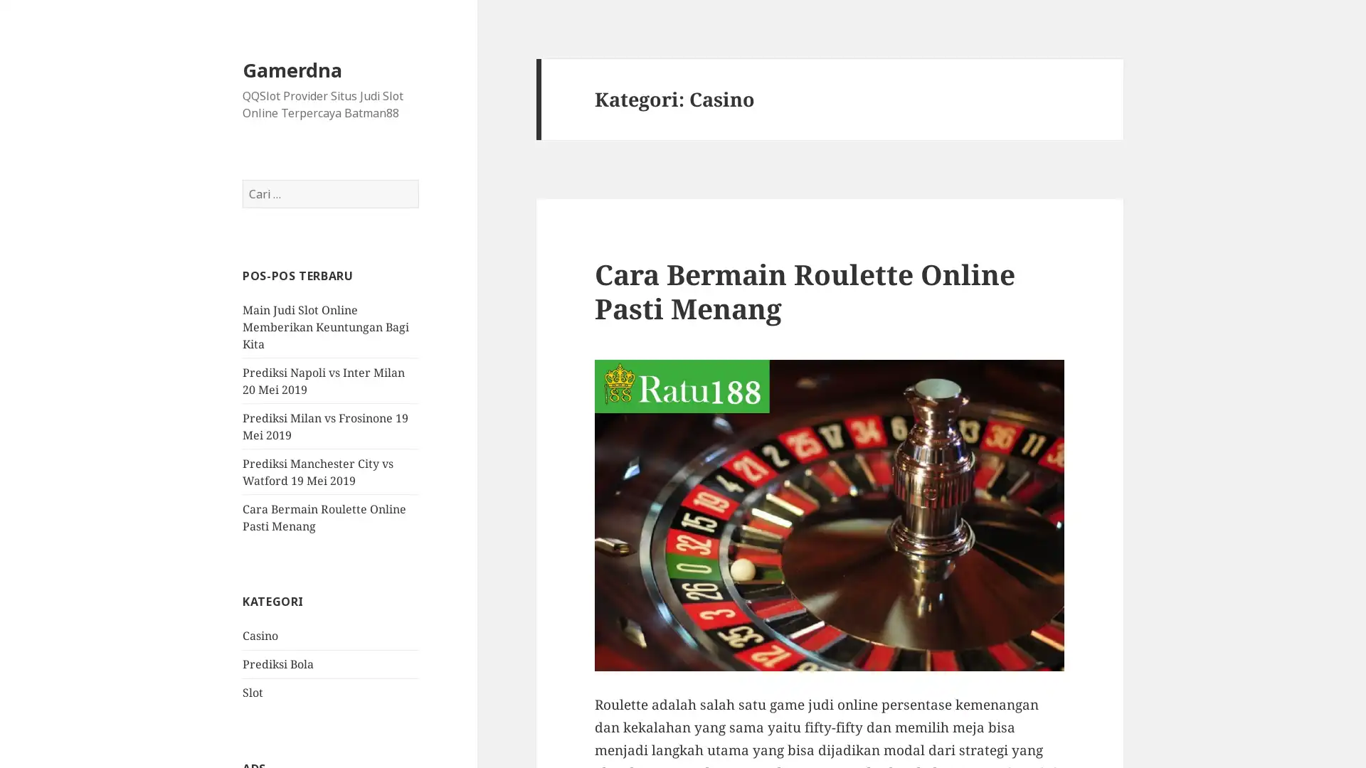 This screenshot has height=768, width=1366. Describe the element at coordinates (418, 179) in the screenshot. I see `Cari` at that location.